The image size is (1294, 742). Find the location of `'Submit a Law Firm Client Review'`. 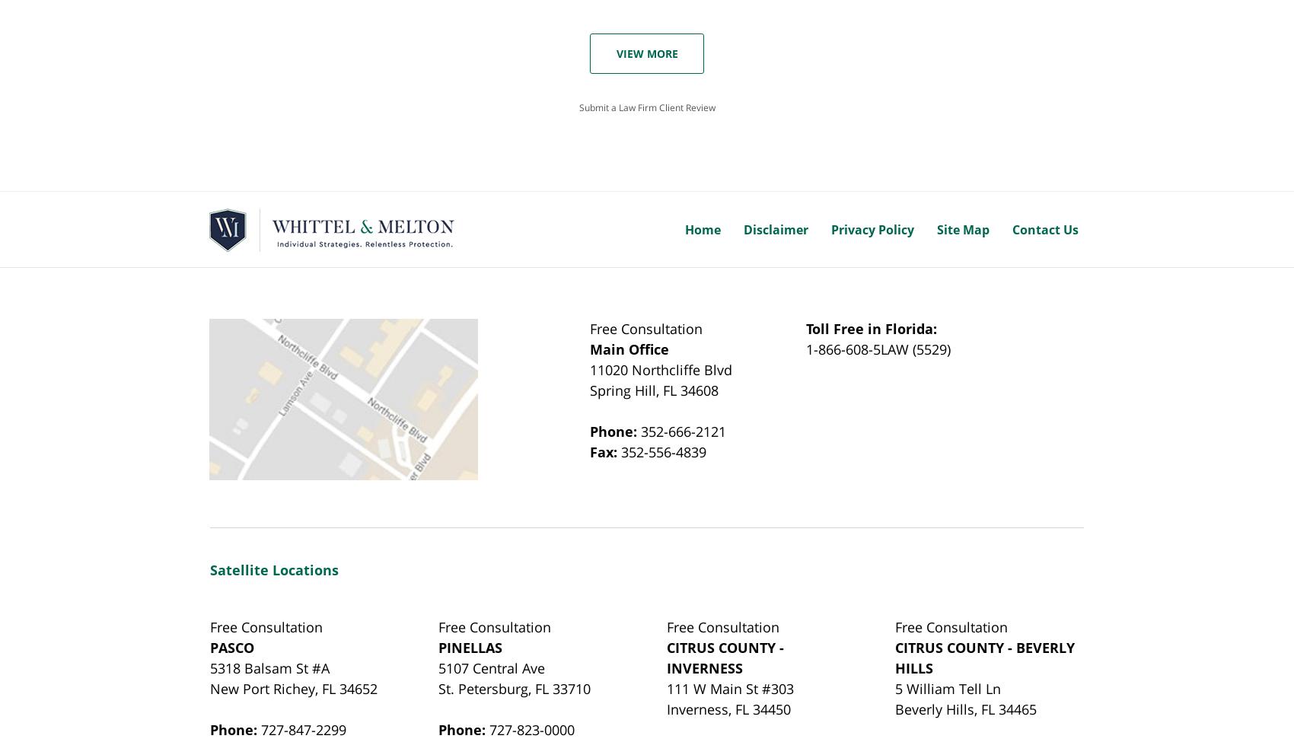

'Submit a Law Firm Client Review' is located at coordinates (645, 107).